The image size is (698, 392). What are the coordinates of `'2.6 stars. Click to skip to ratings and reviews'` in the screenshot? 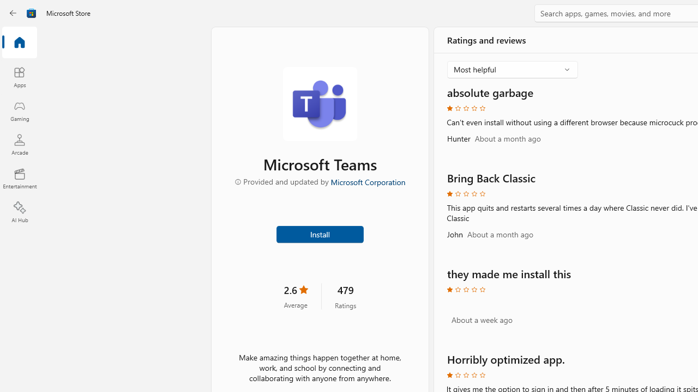 It's located at (296, 296).